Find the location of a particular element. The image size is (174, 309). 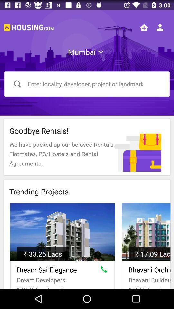

property search is located at coordinates (144, 27).